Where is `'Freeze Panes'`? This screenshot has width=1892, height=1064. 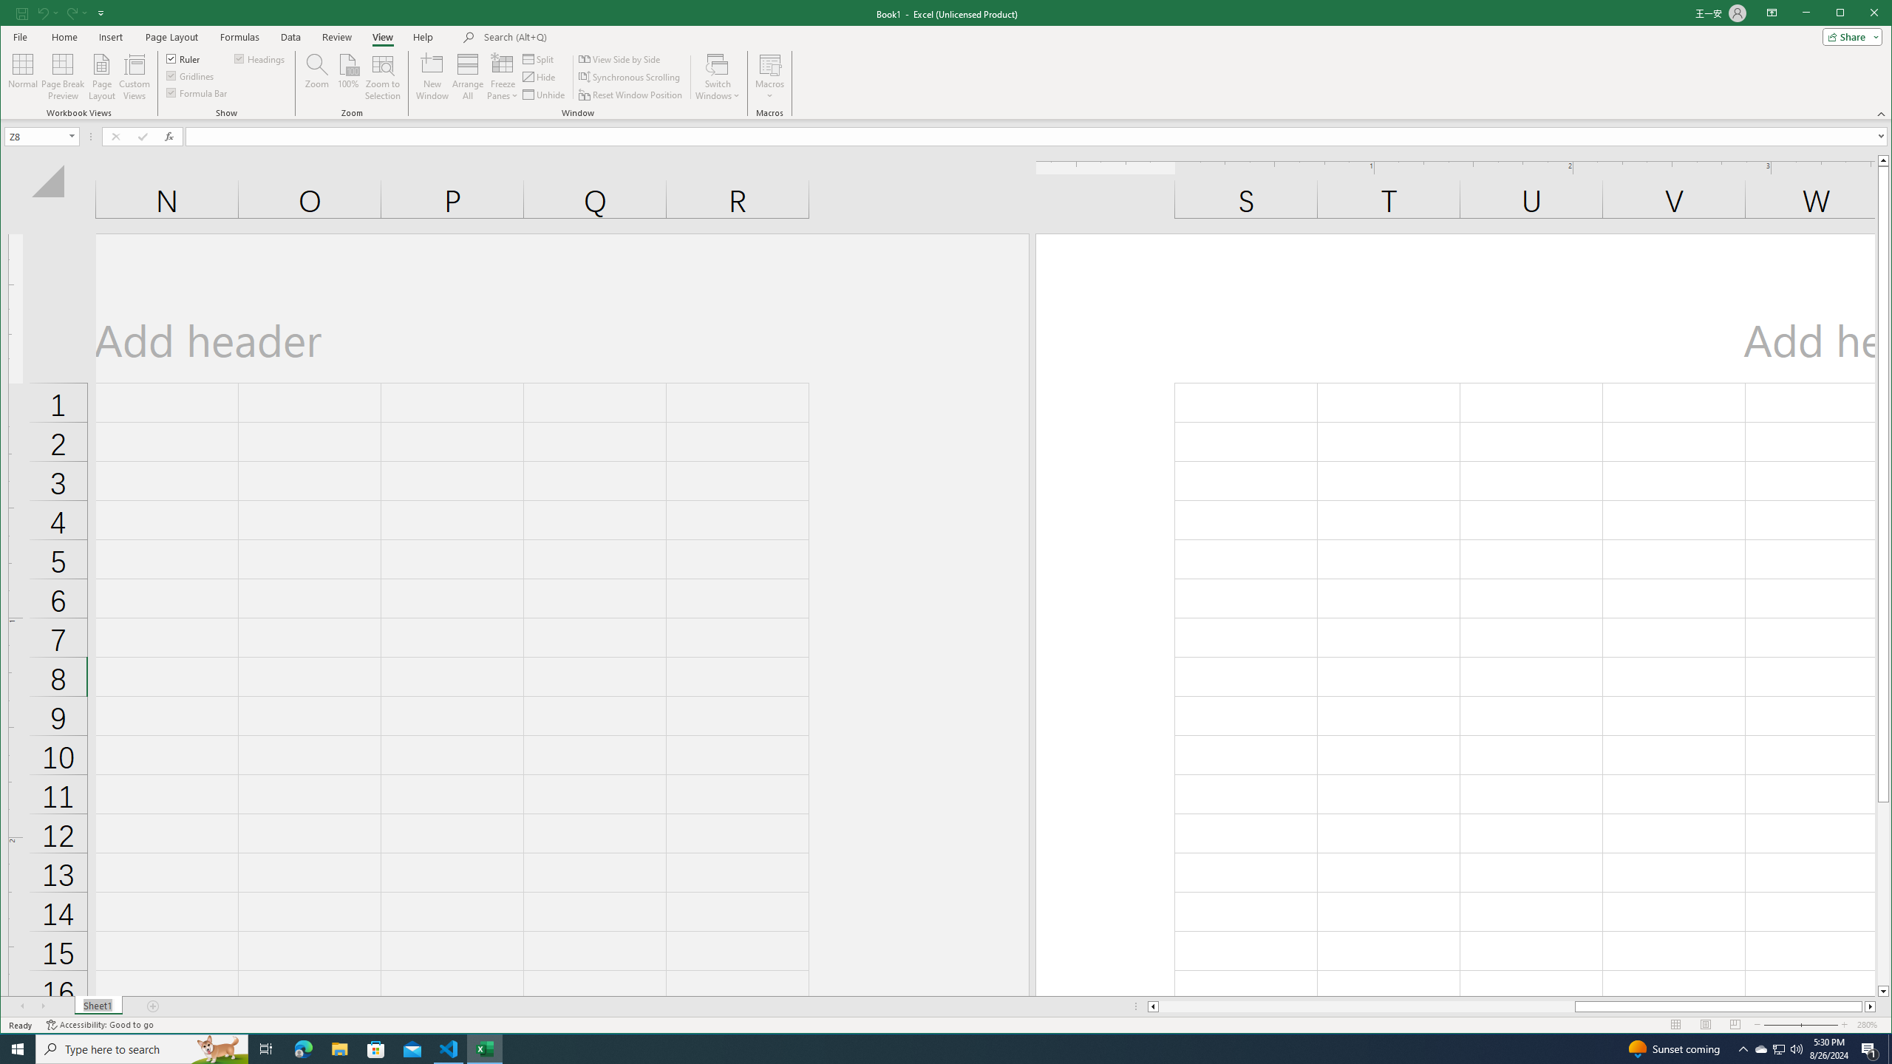
'Freeze Panes' is located at coordinates (503, 76).